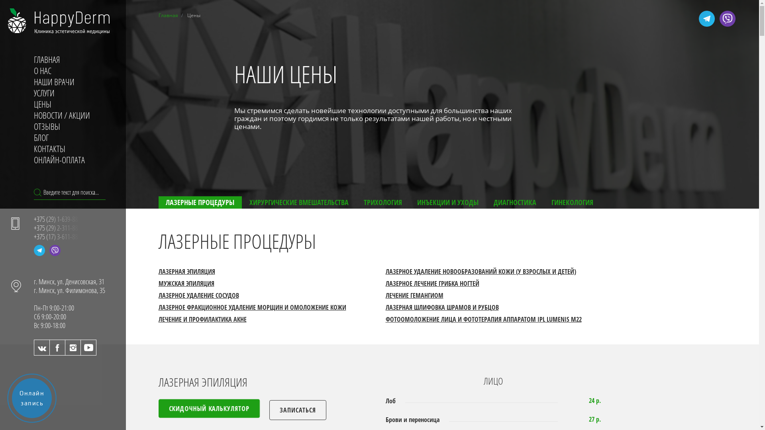 The height and width of the screenshot is (430, 765). What do you see at coordinates (57, 227) in the screenshot?
I see `'+375 (29) 2-311-88'` at bounding box center [57, 227].